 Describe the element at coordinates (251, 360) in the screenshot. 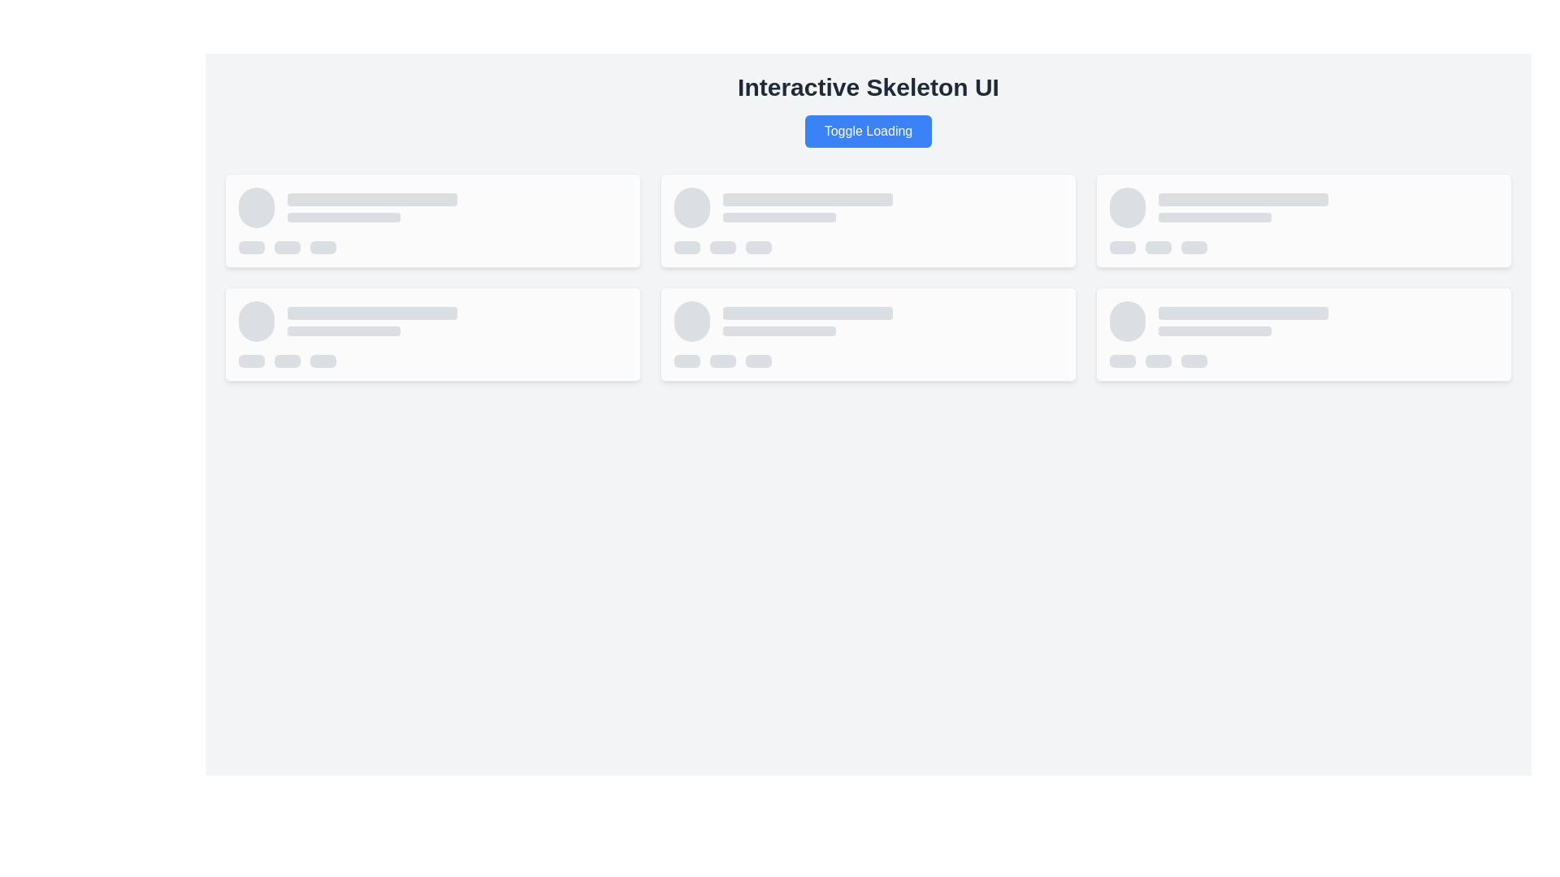

I see `the small rectangular button with rounded corners and a gray background, which is the first button in a horizontal row of three similar buttons` at that location.